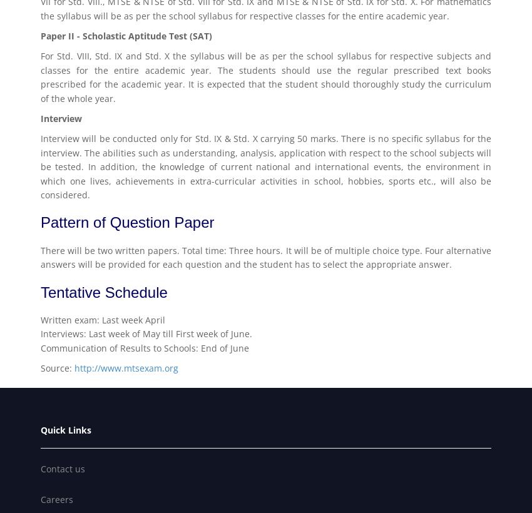 The width and height of the screenshot is (532, 513). Describe the element at coordinates (41, 36) in the screenshot. I see `'Paper II - Scholastic Aptitude Test (SAT)'` at that location.